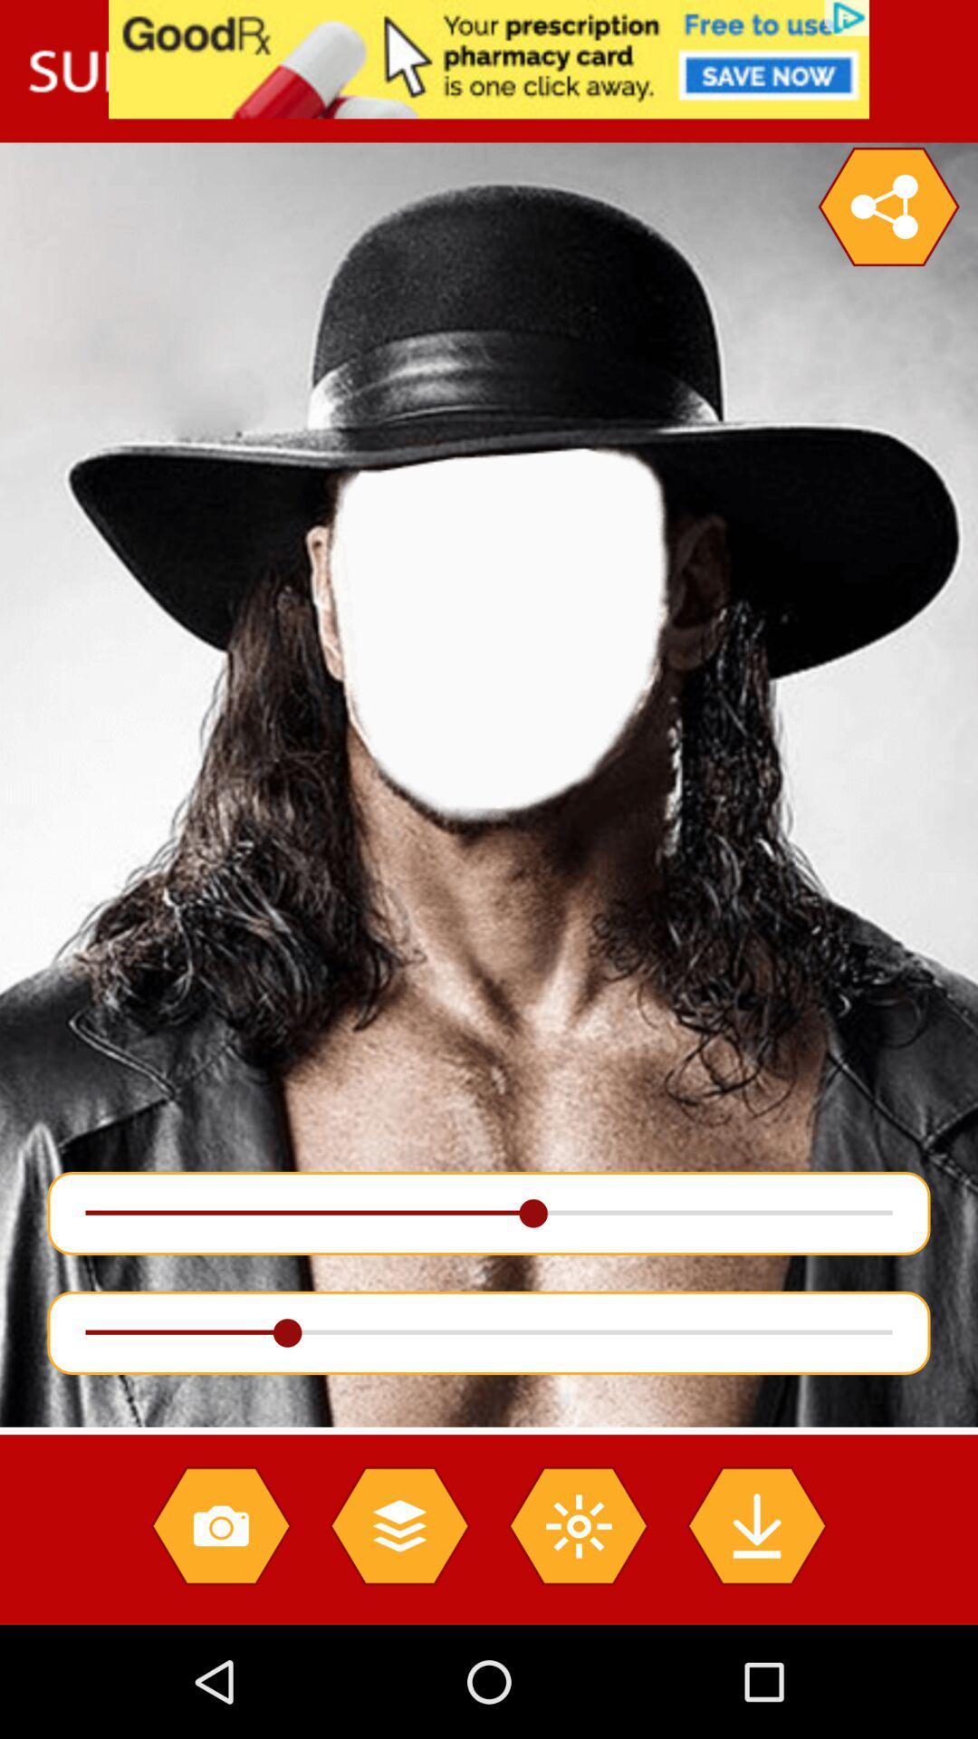 The image size is (978, 1739). Describe the element at coordinates (756, 1524) in the screenshot. I see `download page` at that location.